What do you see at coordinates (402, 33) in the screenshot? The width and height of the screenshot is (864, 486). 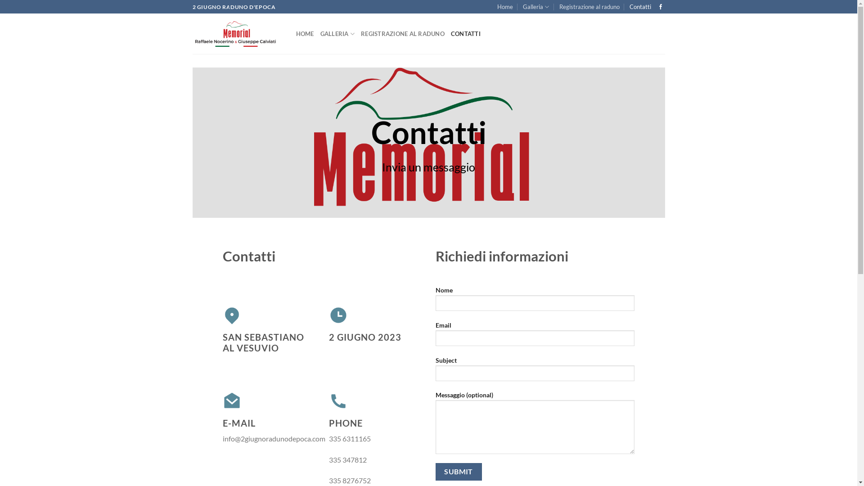 I see `'REGISTRAZIONE AL RADUNO'` at bounding box center [402, 33].